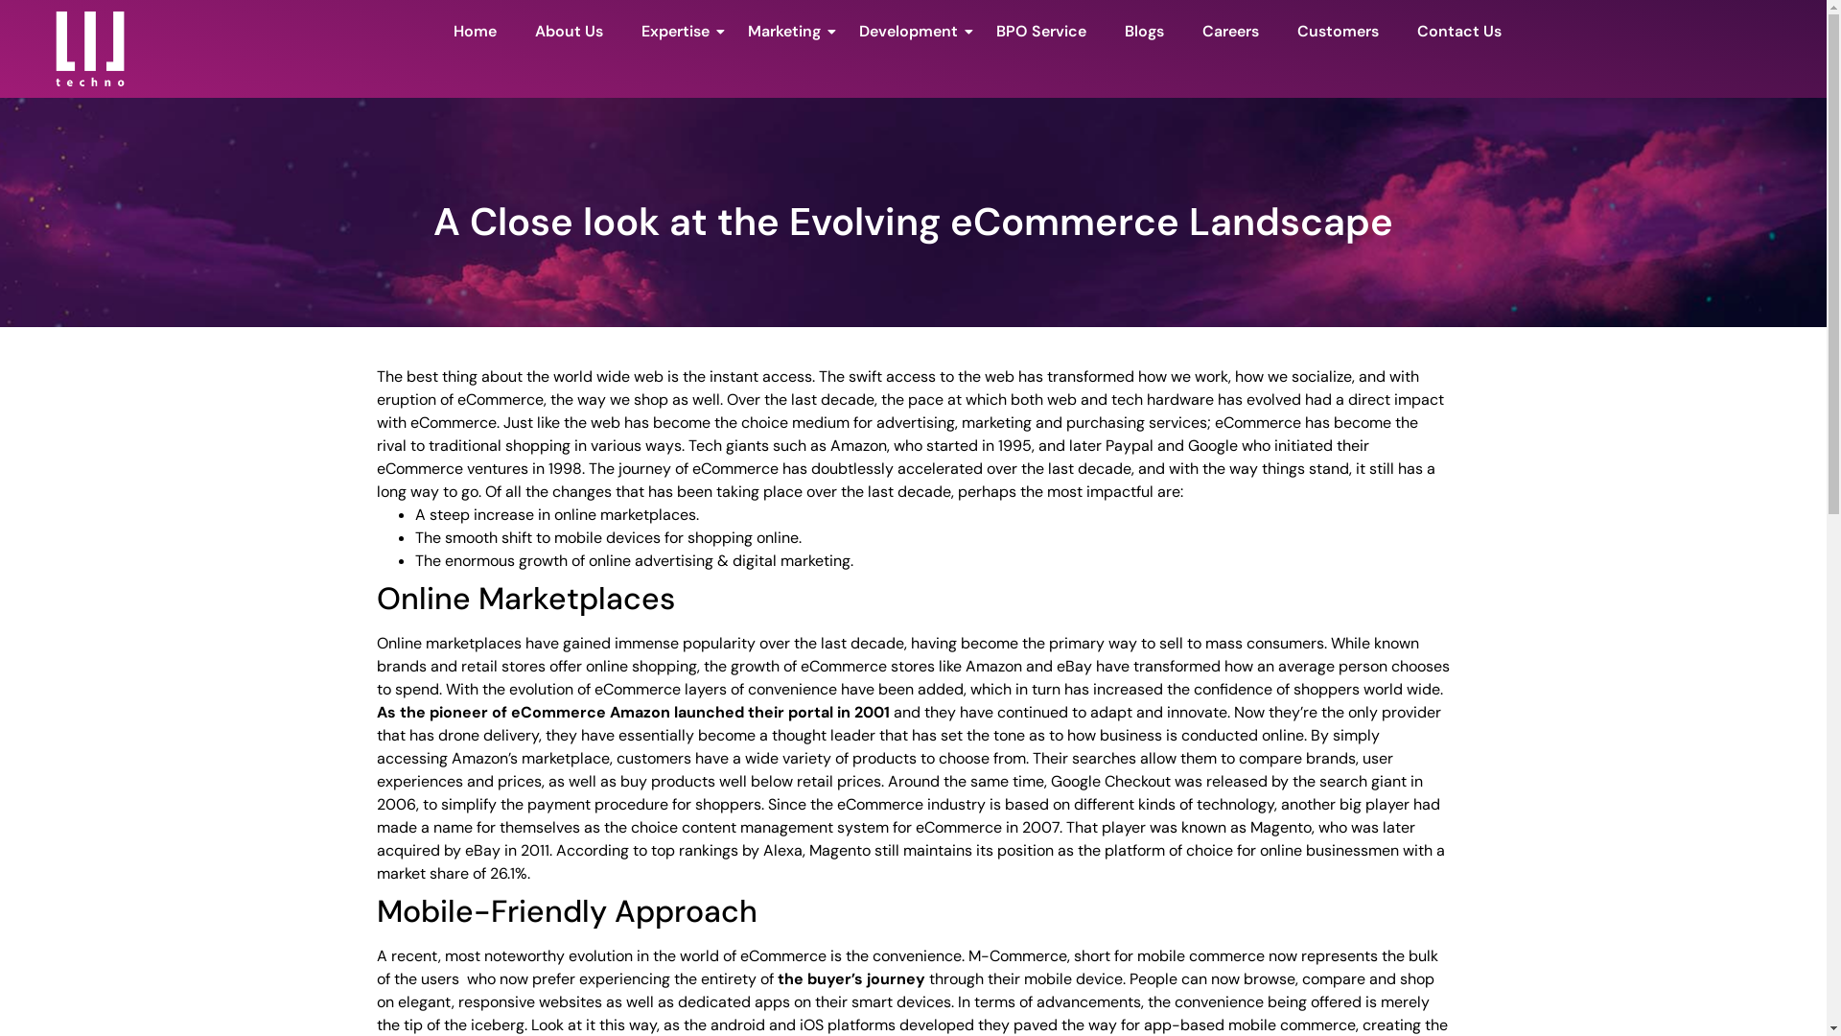 Image resolution: width=1841 pixels, height=1036 pixels. What do you see at coordinates (568, 33) in the screenshot?
I see `'About Us'` at bounding box center [568, 33].